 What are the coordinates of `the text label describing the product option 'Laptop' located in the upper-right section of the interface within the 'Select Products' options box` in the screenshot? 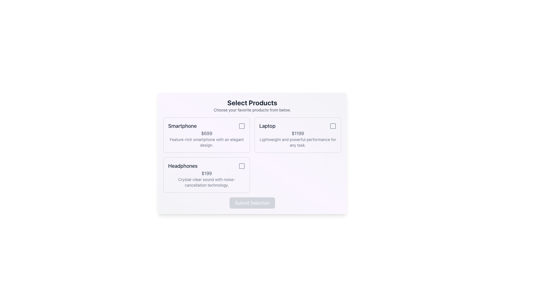 It's located at (267, 126).